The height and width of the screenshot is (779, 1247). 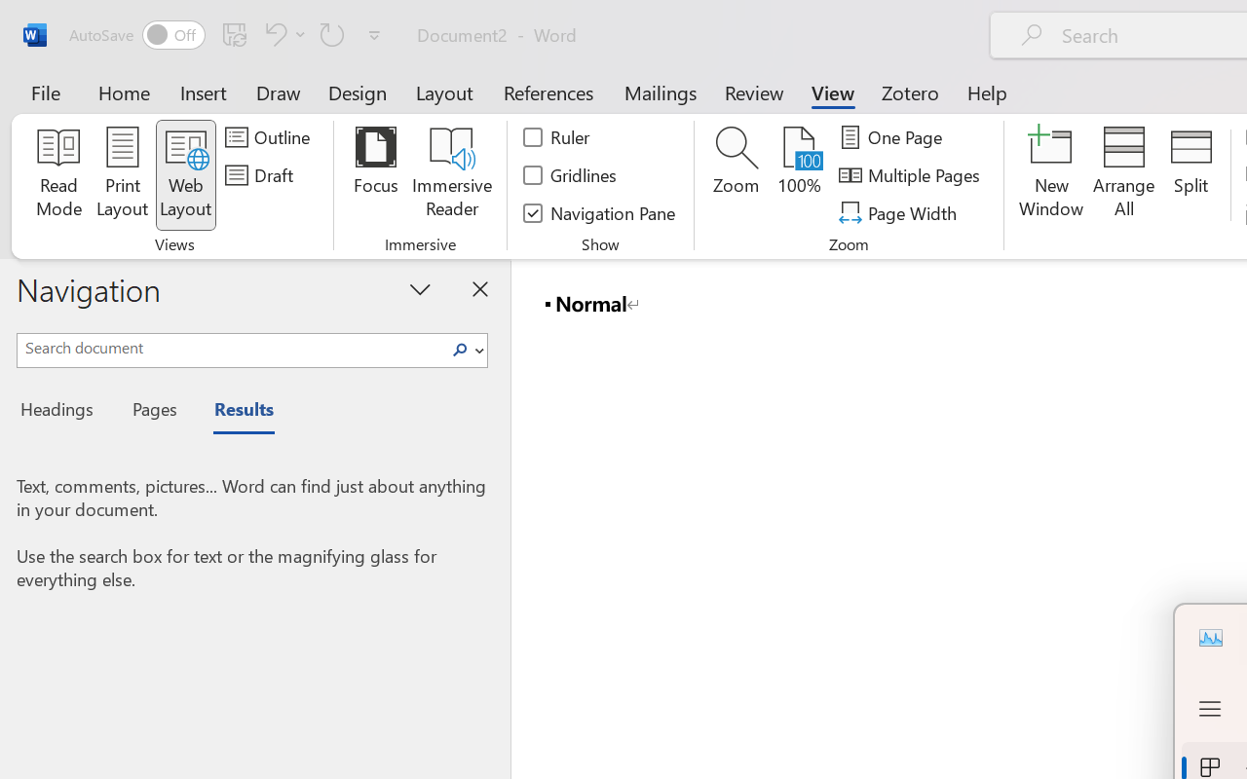 I want to click on 'Gridlines', so click(x=570, y=174).